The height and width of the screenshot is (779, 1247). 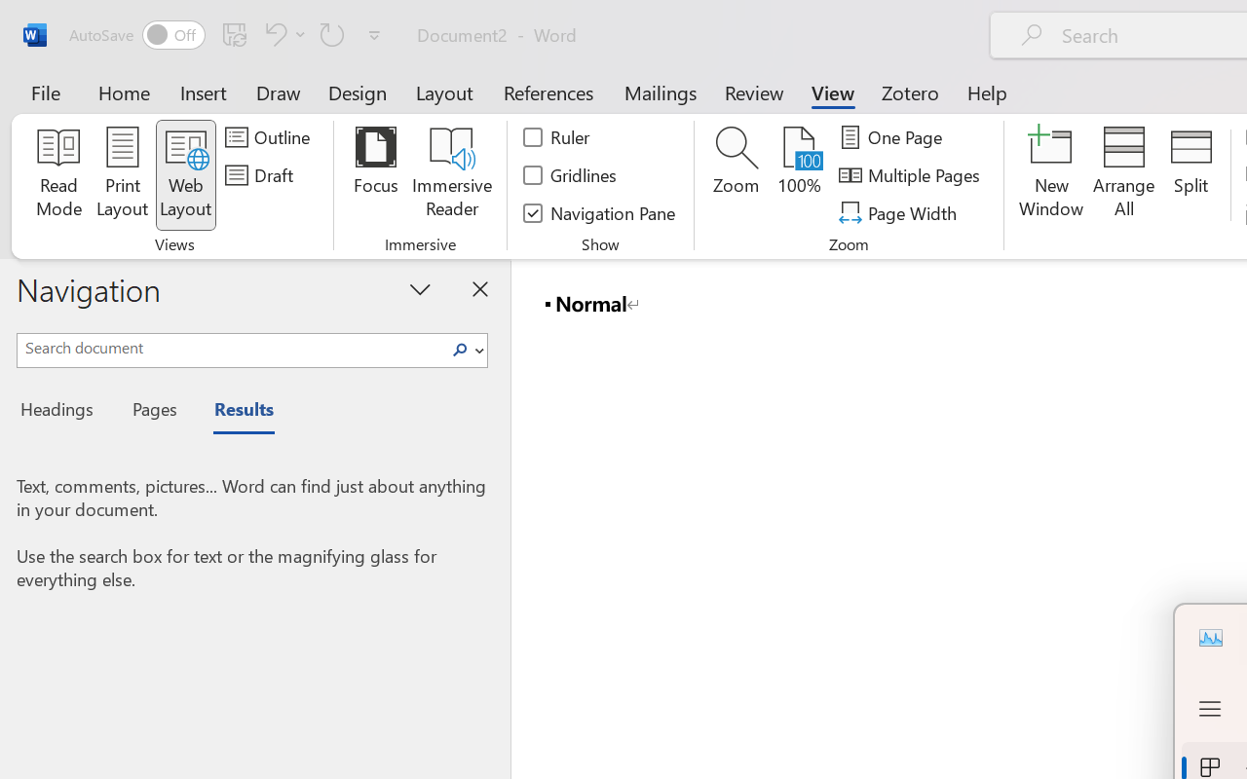 I want to click on 'Gridlines', so click(x=570, y=174).